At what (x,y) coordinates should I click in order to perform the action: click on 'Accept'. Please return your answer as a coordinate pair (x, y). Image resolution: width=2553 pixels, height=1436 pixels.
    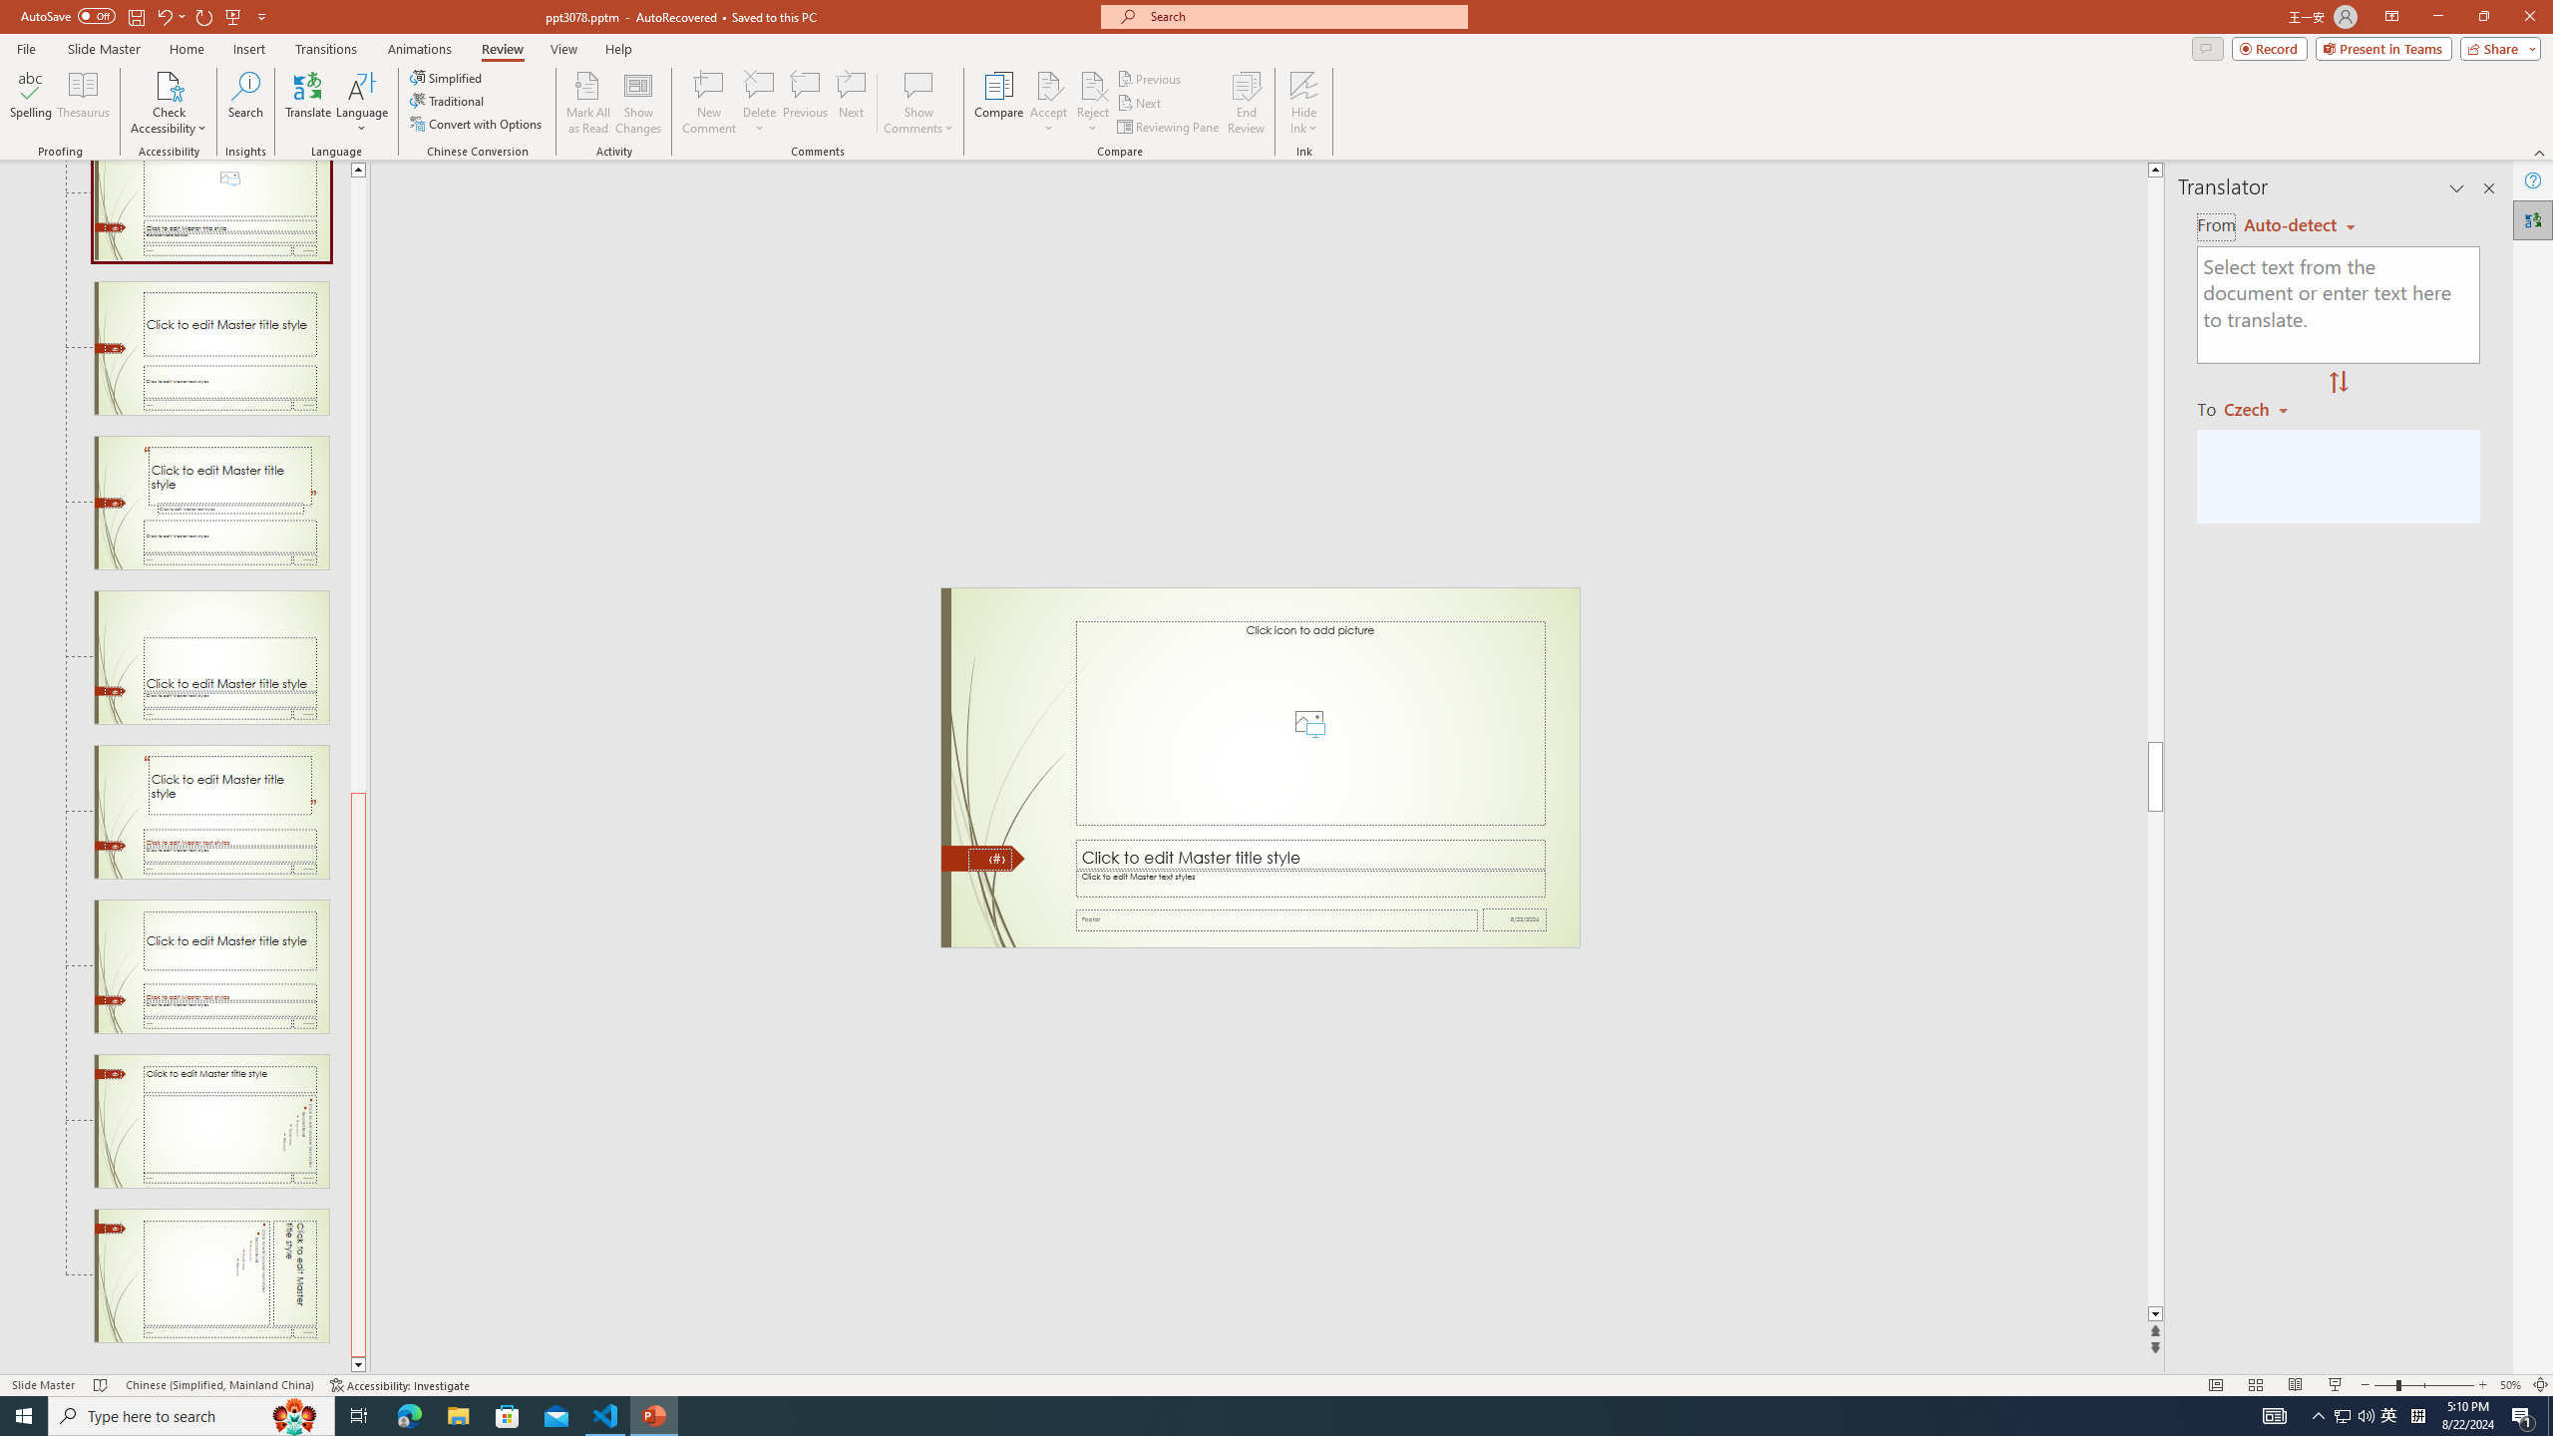
    Looking at the image, I should click on (1048, 103).